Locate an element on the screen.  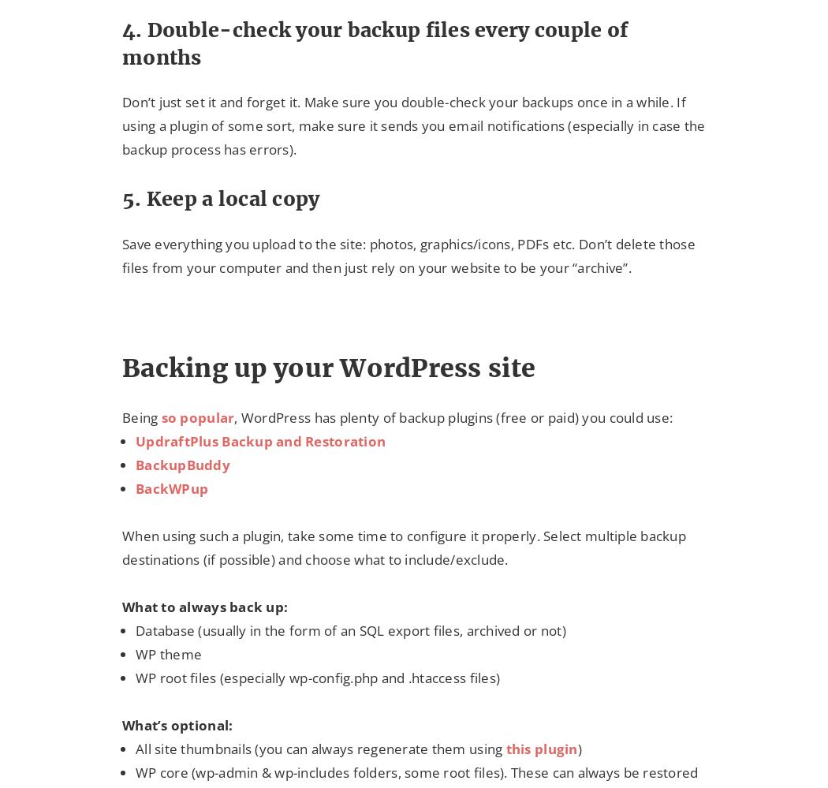
'What’s optional:' is located at coordinates (177, 724).